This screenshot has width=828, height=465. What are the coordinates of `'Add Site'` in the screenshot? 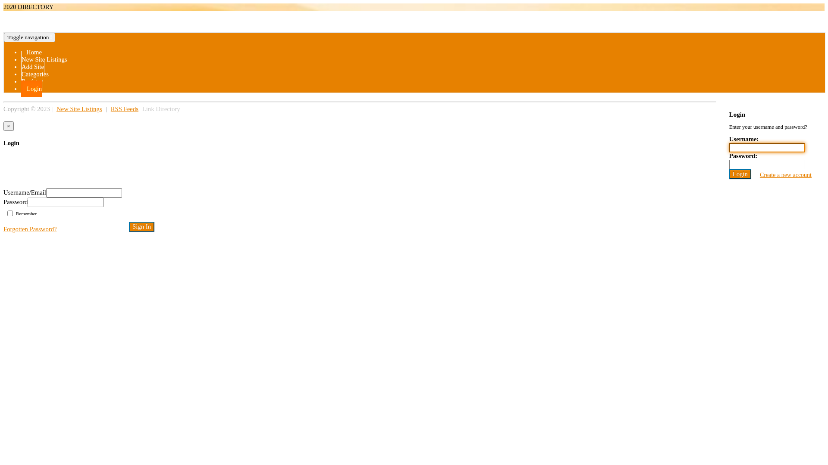 It's located at (33, 66).